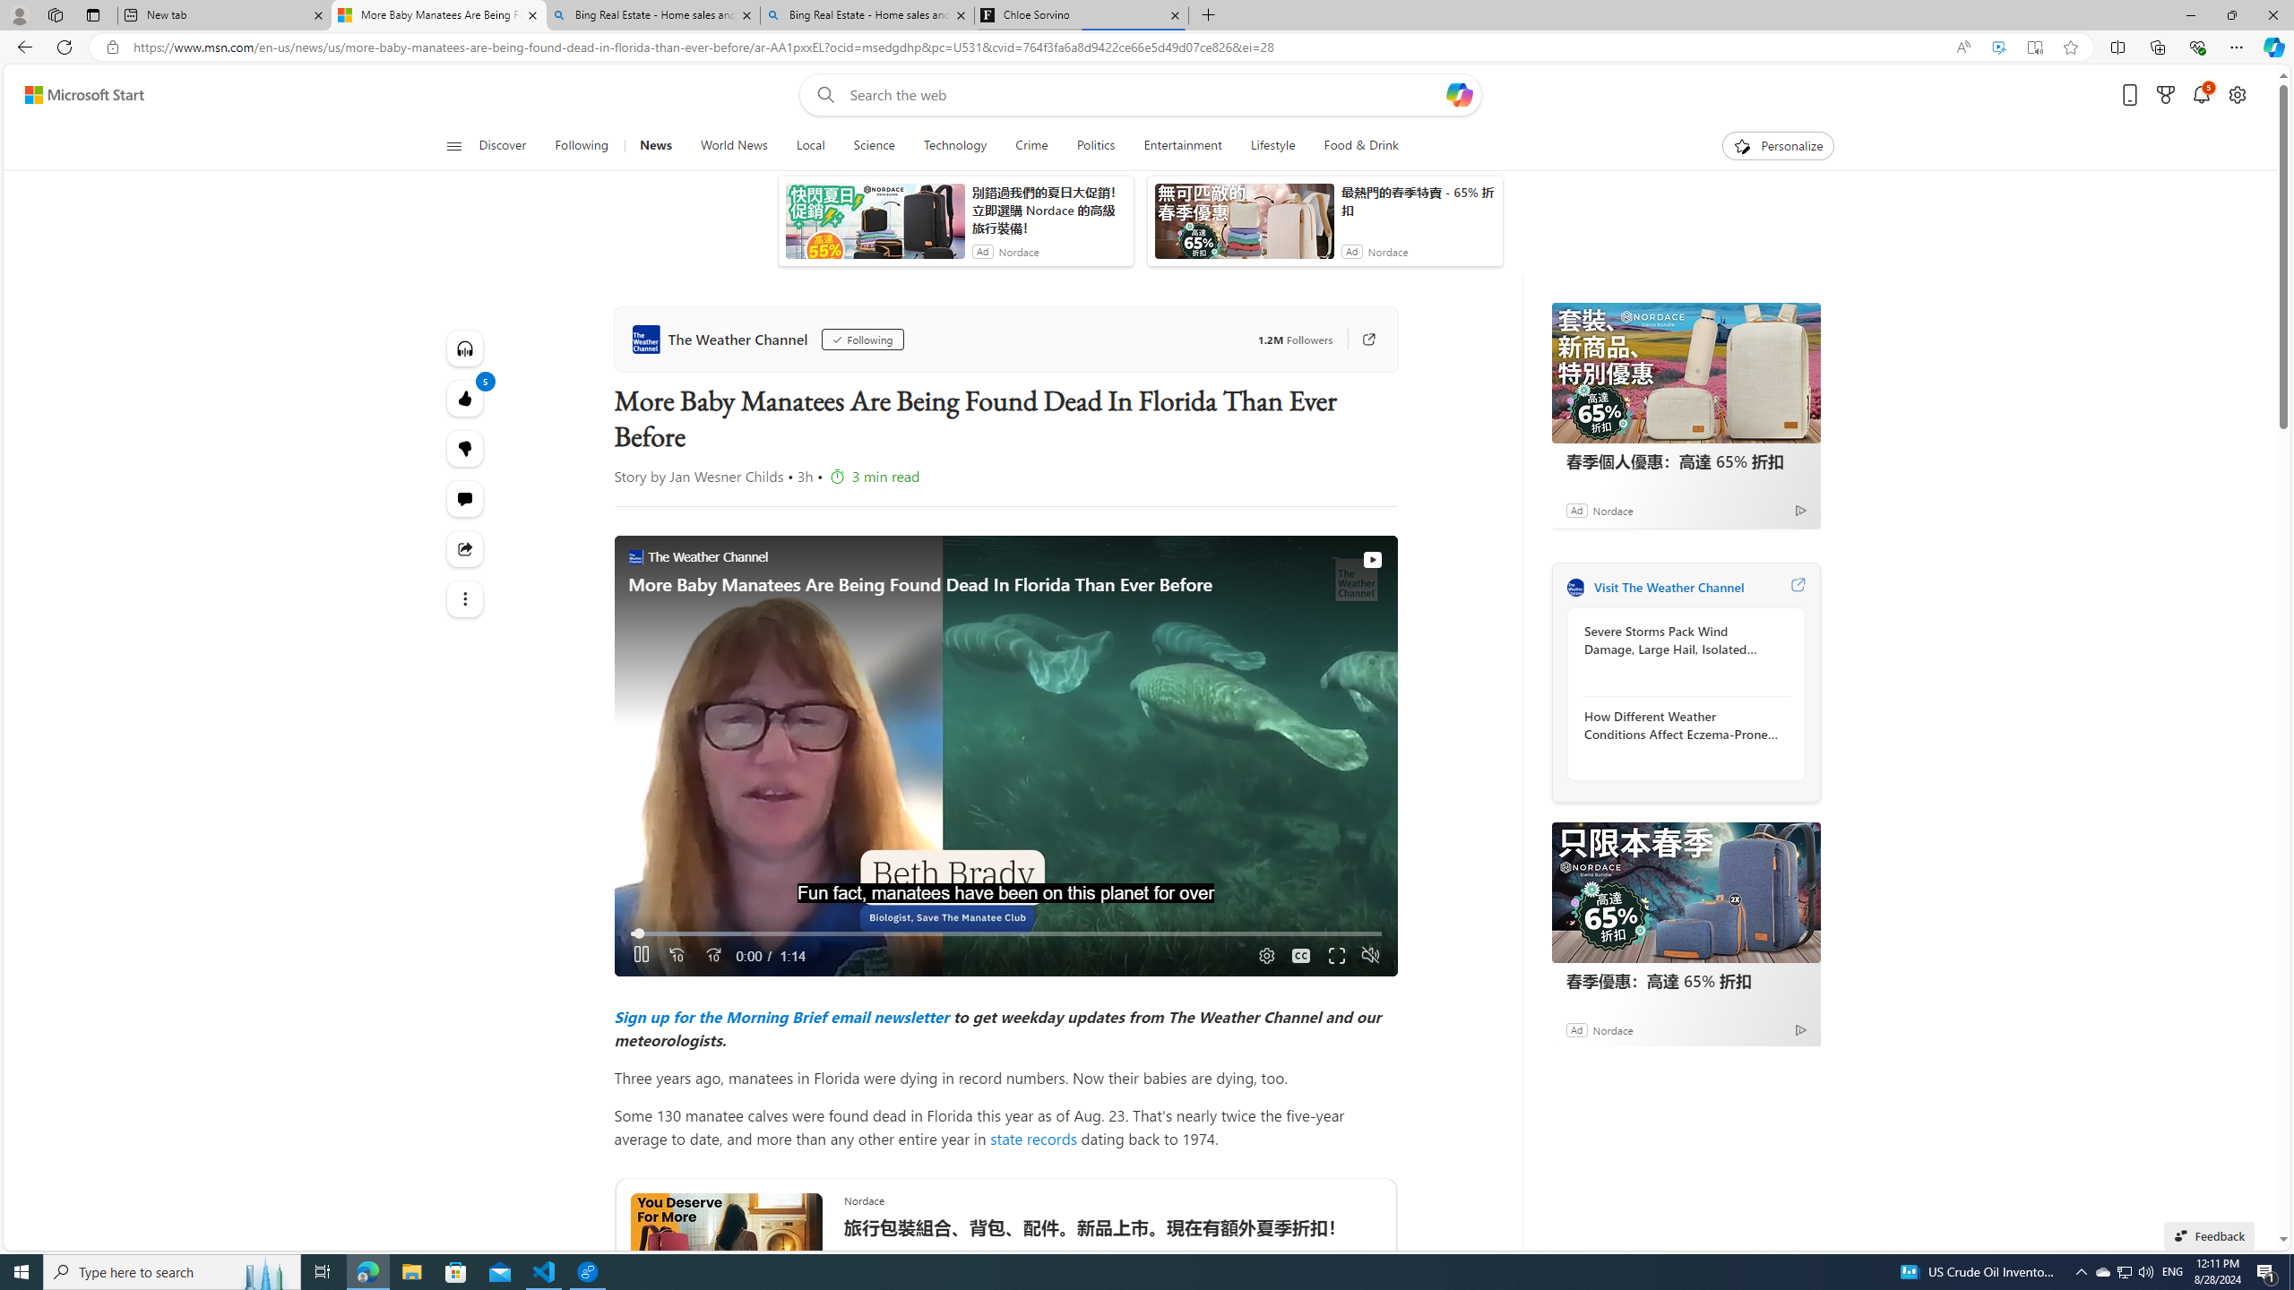  I want to click on 'Captions', so click(1300, 955).